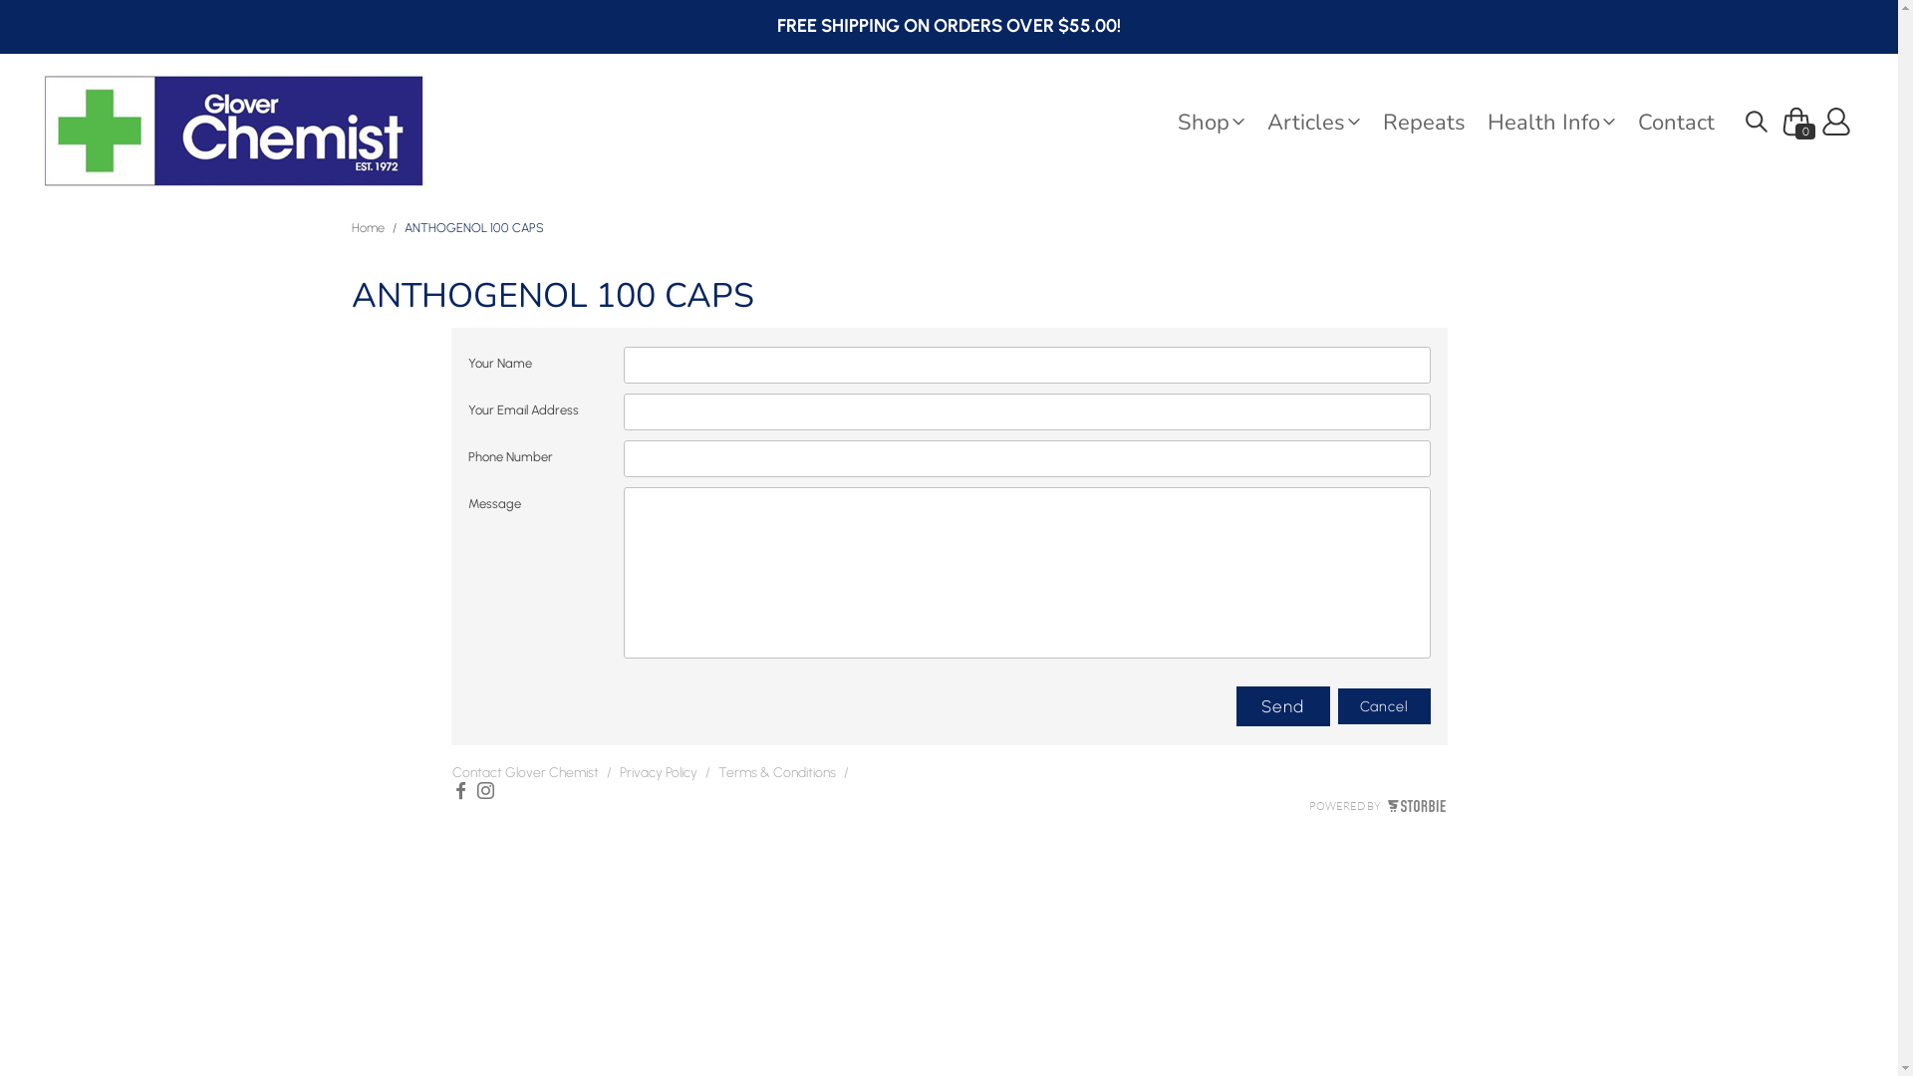  What do you see at coordinates (1383, 705) in the screenshot?
I see `'Cancel'` at bounding box center [1383, 705].